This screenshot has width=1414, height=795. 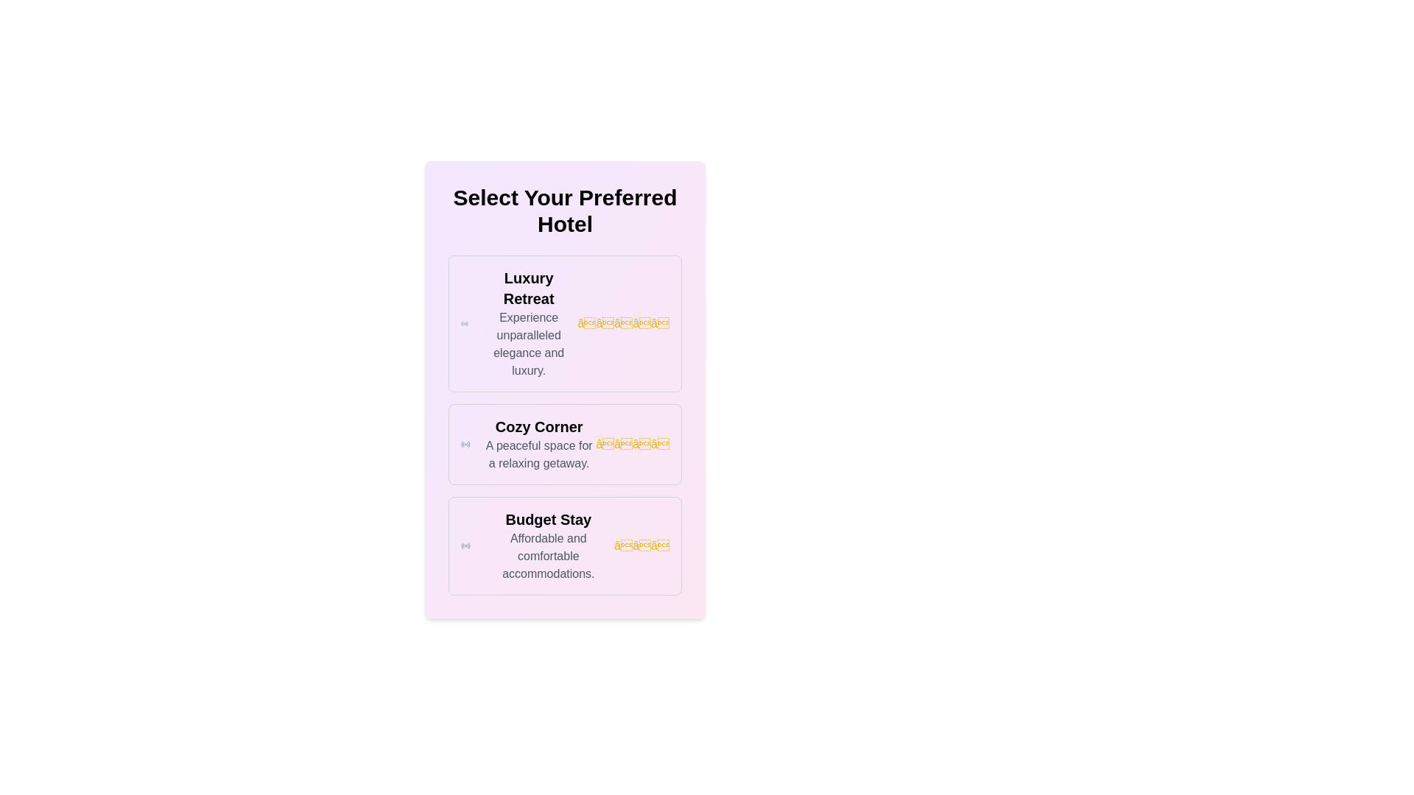 What do you see at coordinates (547, 556) in the screenshot?
I see `the text block containing the description 'Affordable and comfortable accommodations.' which is positioned below the title 'Budget Stay'` at bounding box center [547, 556].